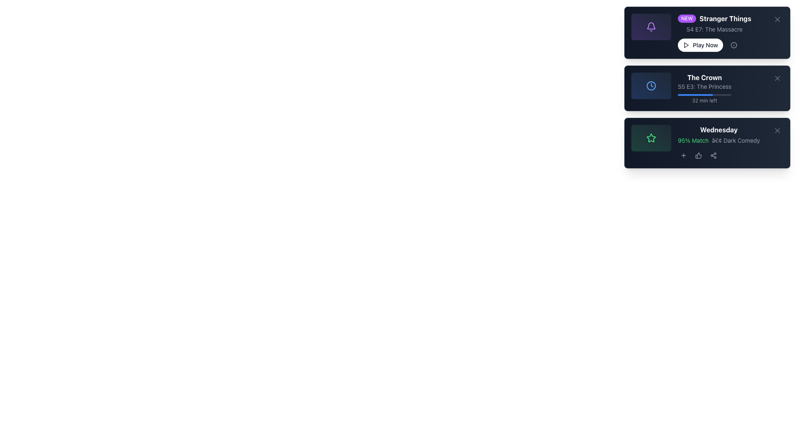 This screenshot has width=797, height=448. Describe the element at coordinates (733, 45) in the screenshot. I see `the informational indicator icon located at the top-right corner of the first card in a vertical stack of three cards` at that location.